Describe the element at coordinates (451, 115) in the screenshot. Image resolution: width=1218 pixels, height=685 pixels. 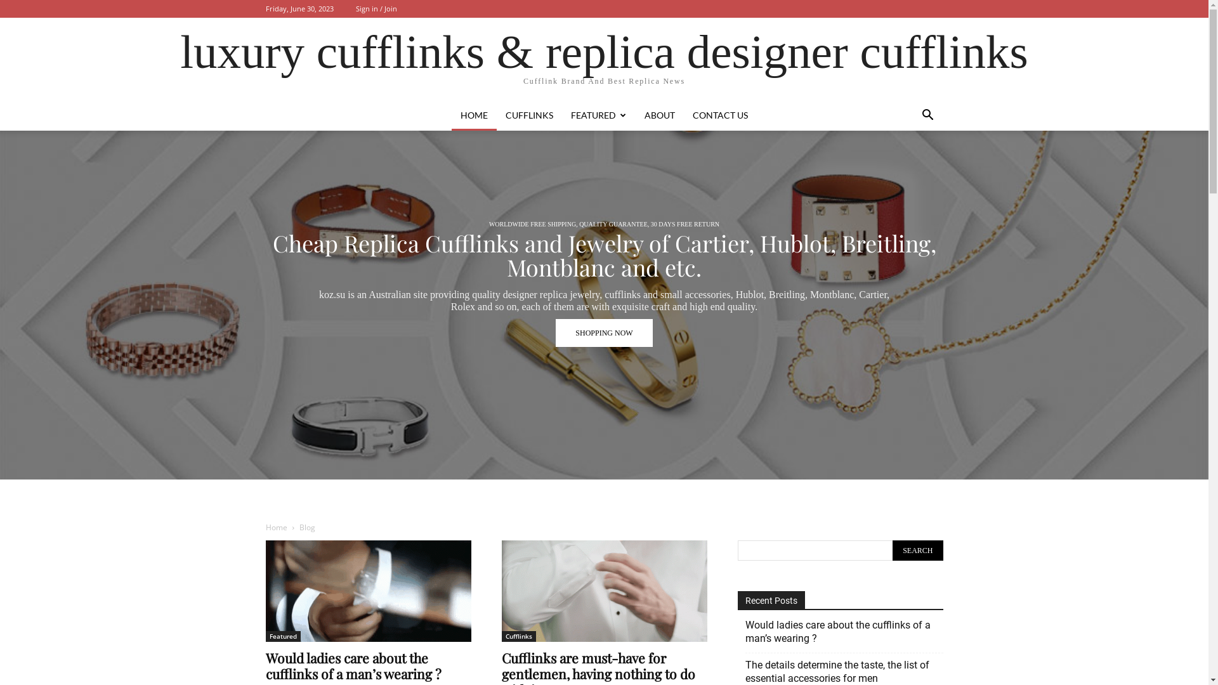
I see `'HOME'` at that location.